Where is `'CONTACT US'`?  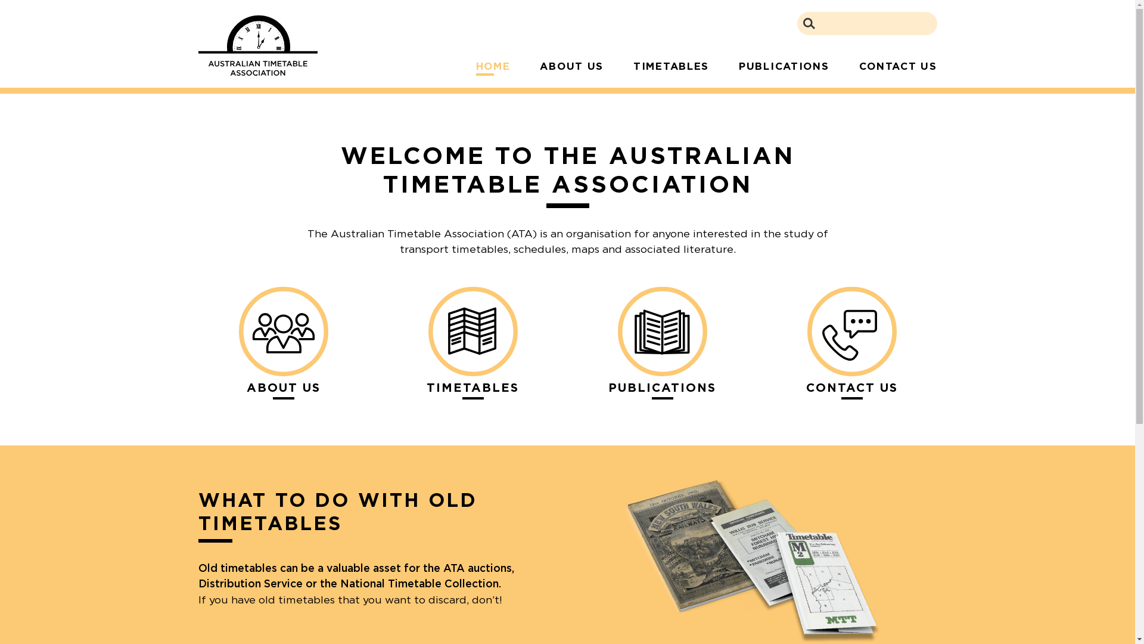 'CONTACT US' is located at coordinates (851, 390).